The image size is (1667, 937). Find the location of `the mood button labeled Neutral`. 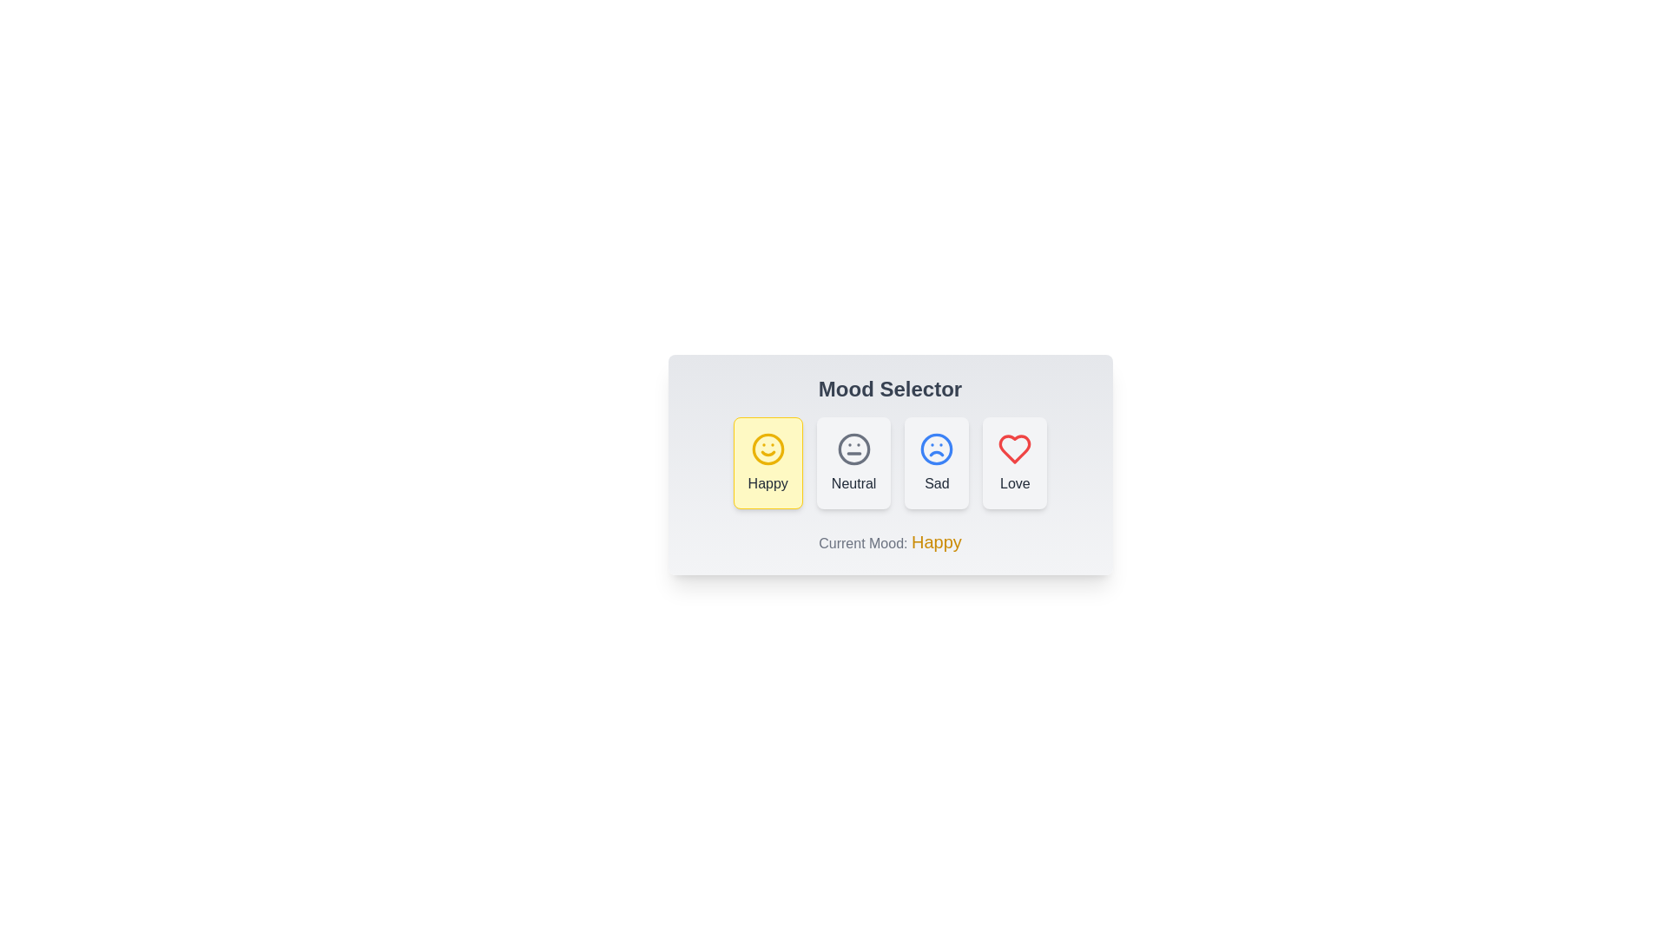

the mood button labeled Neutral is located at coordinates (853, 462).